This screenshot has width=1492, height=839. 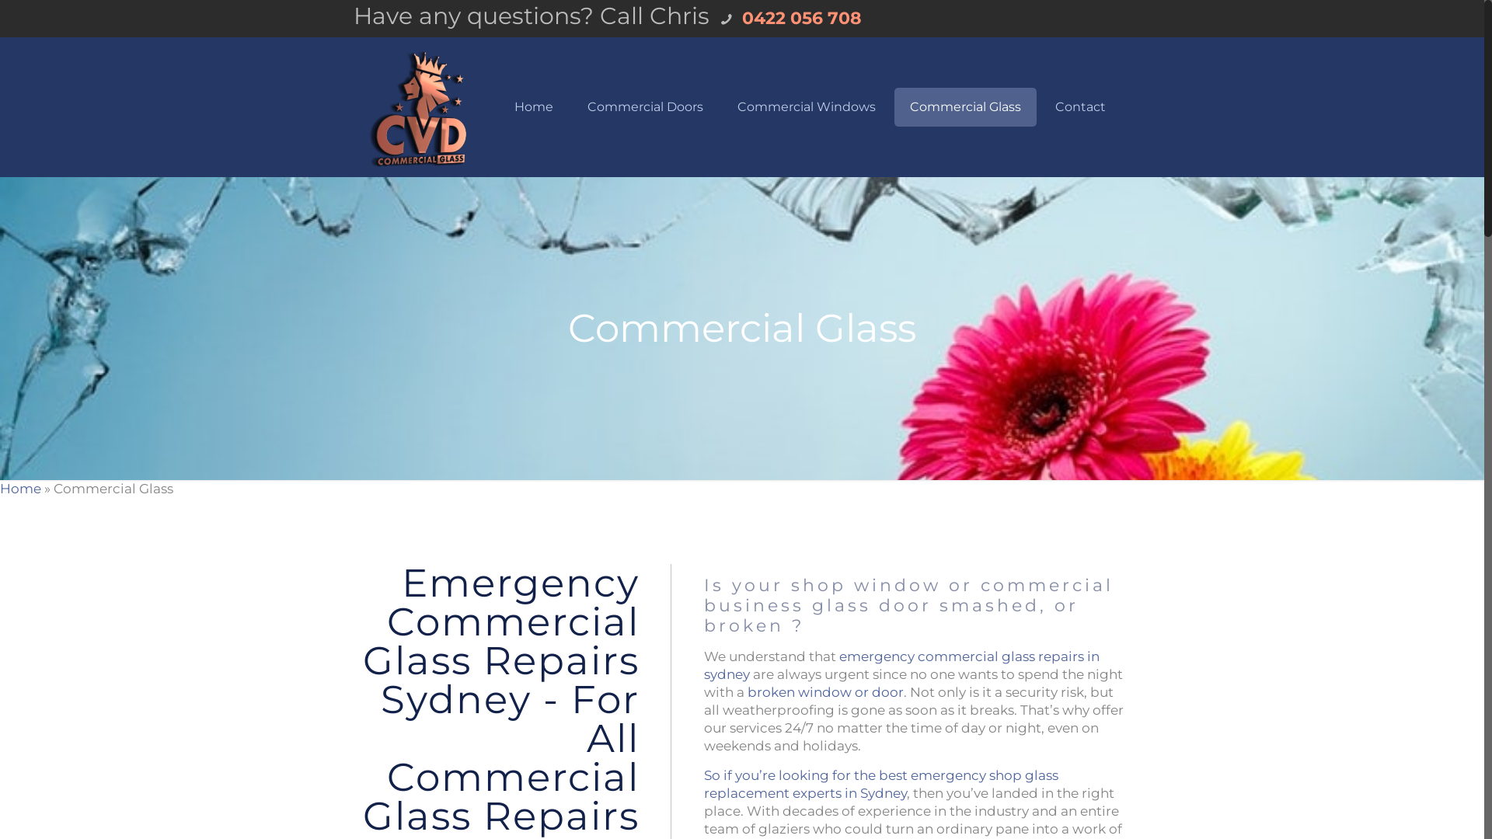 What do you see at coordinates (806, 106) in the screenshot?
I see `'Commercial Windows'` at bounding box center [806, 106].